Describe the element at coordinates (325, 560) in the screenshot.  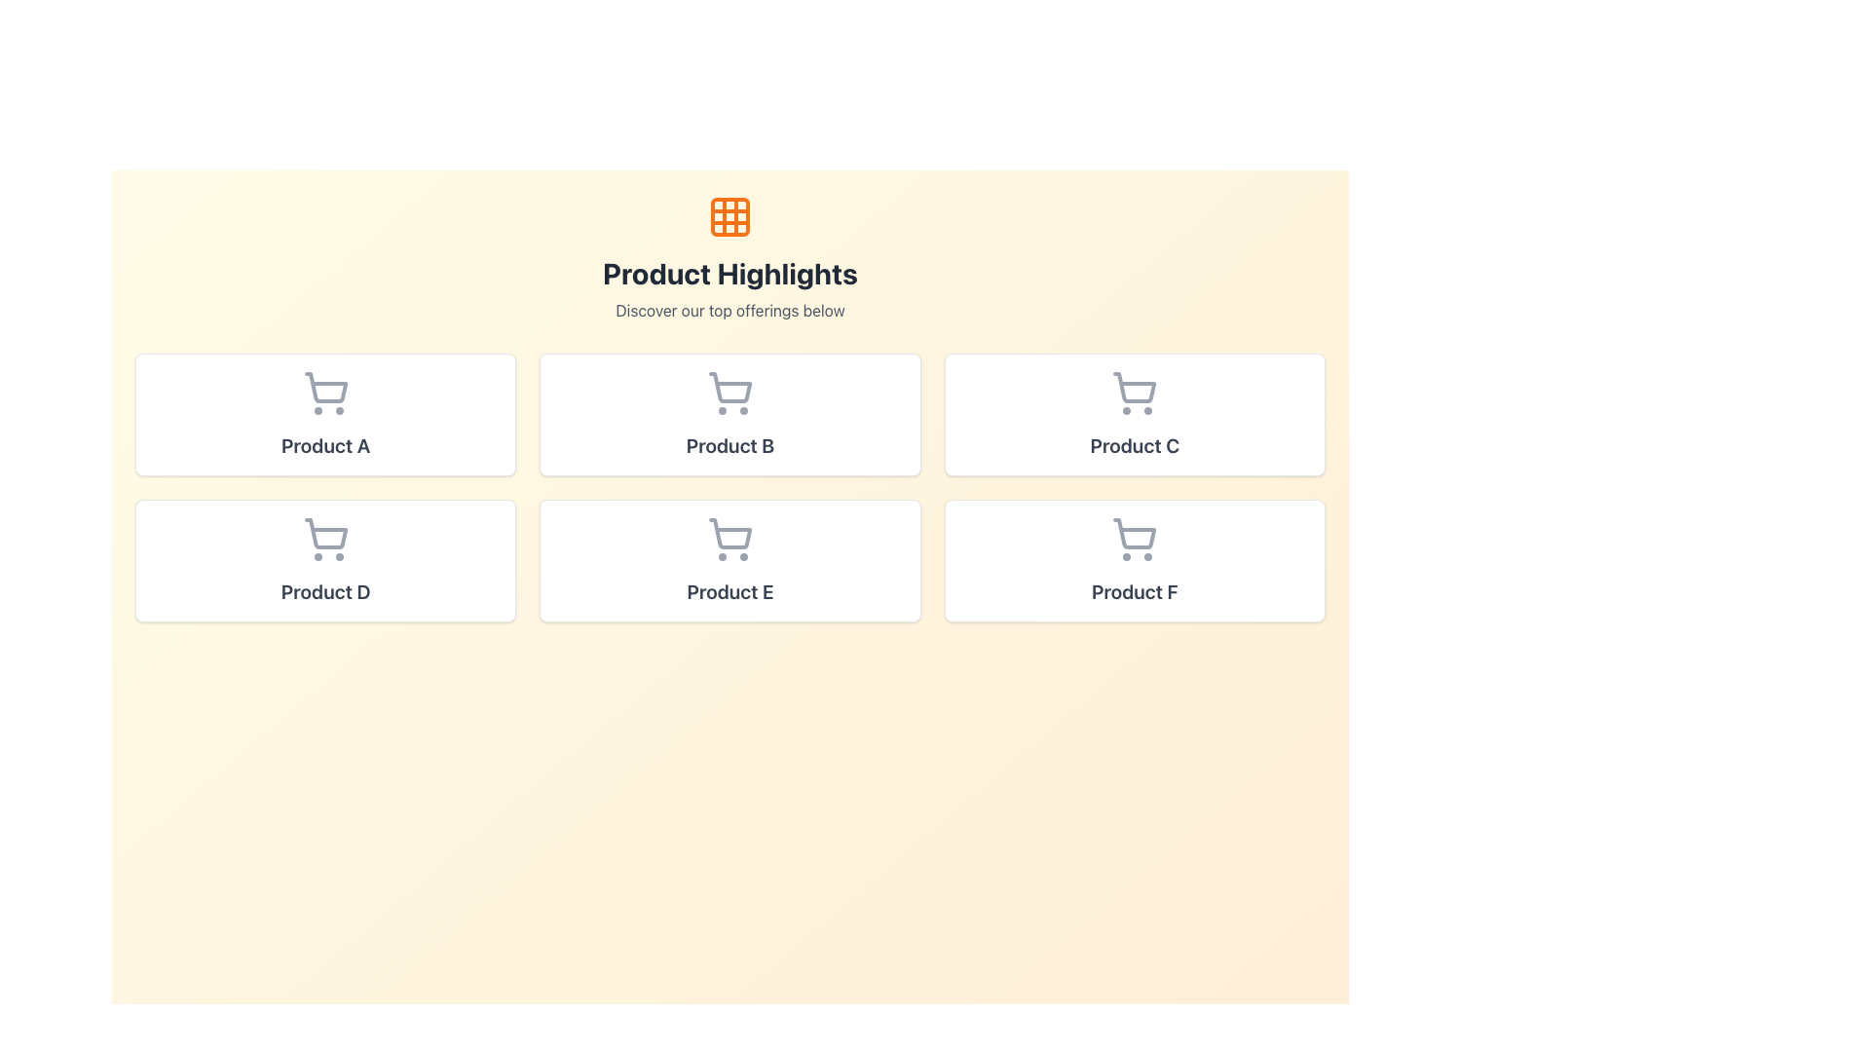
I see `the fourth selectable card for 'Product D' located in the second row and first column of a 3x2 grid layout` at that location.